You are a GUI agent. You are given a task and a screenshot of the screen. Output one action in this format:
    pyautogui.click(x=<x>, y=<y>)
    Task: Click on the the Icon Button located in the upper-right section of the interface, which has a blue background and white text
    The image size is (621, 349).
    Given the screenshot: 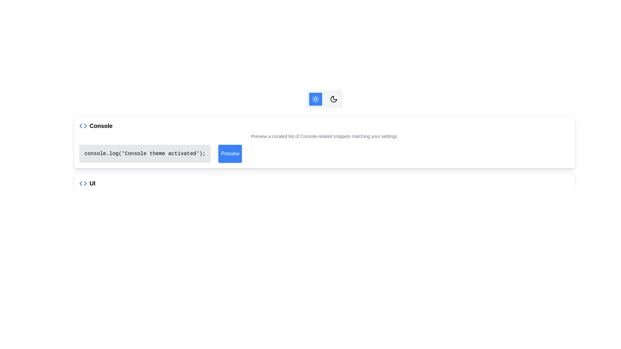 What is the action you would take?
    pyautogui.click(x=315, y=99)
    